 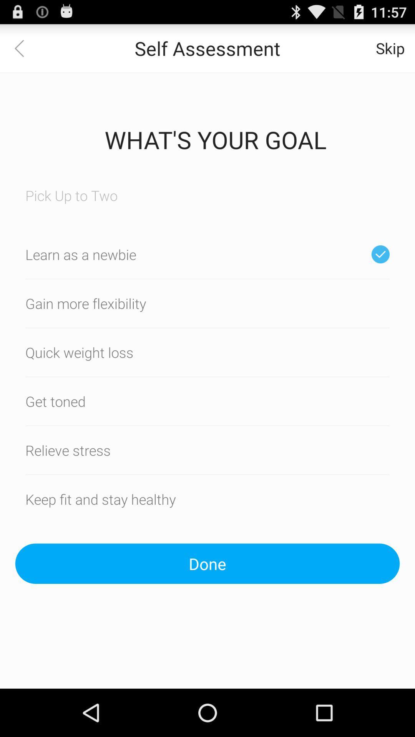 I want to click on icon at the top left corner, so click(x=23, y=48).